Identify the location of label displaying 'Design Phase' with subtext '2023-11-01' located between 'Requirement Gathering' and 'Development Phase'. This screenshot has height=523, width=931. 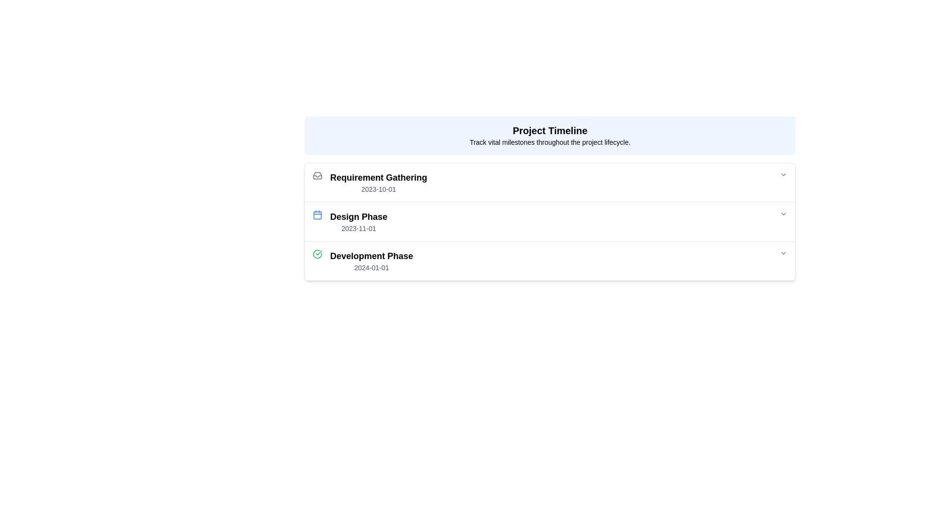
(358, 222).